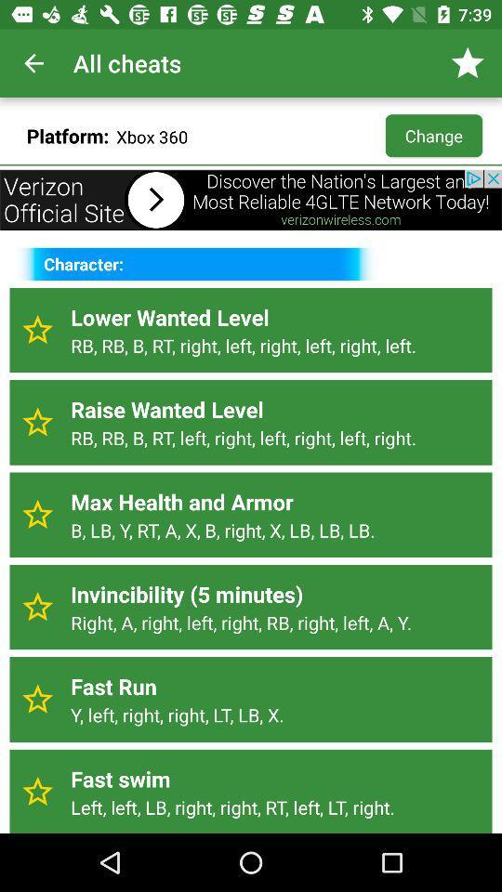 The image size is (502, 892). What do you see at coordinates (37, 515) in the screenshot?
I see `the star icon` at bounding box center [37, 515].